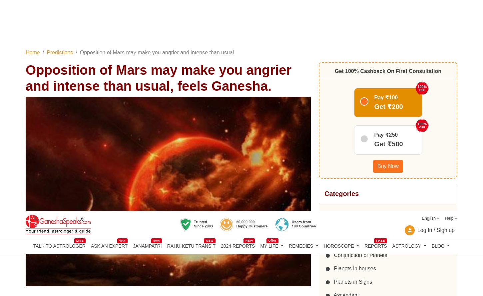  Describe the element at coordinates (375, 34) in the screenshot. I see `'REPORTS'` at that location.